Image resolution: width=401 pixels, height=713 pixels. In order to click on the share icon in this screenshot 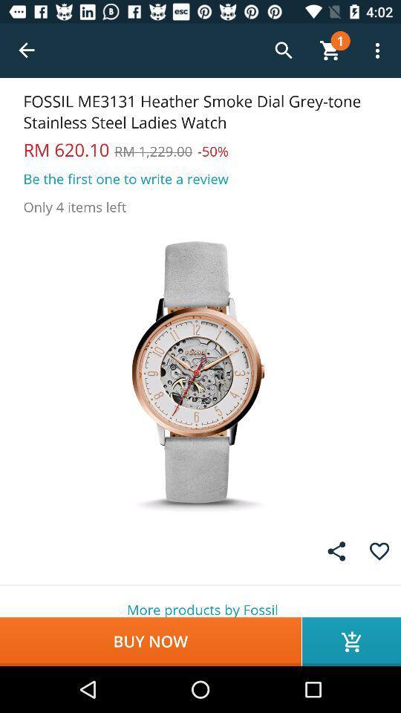, I will do `click(336, 550)`.